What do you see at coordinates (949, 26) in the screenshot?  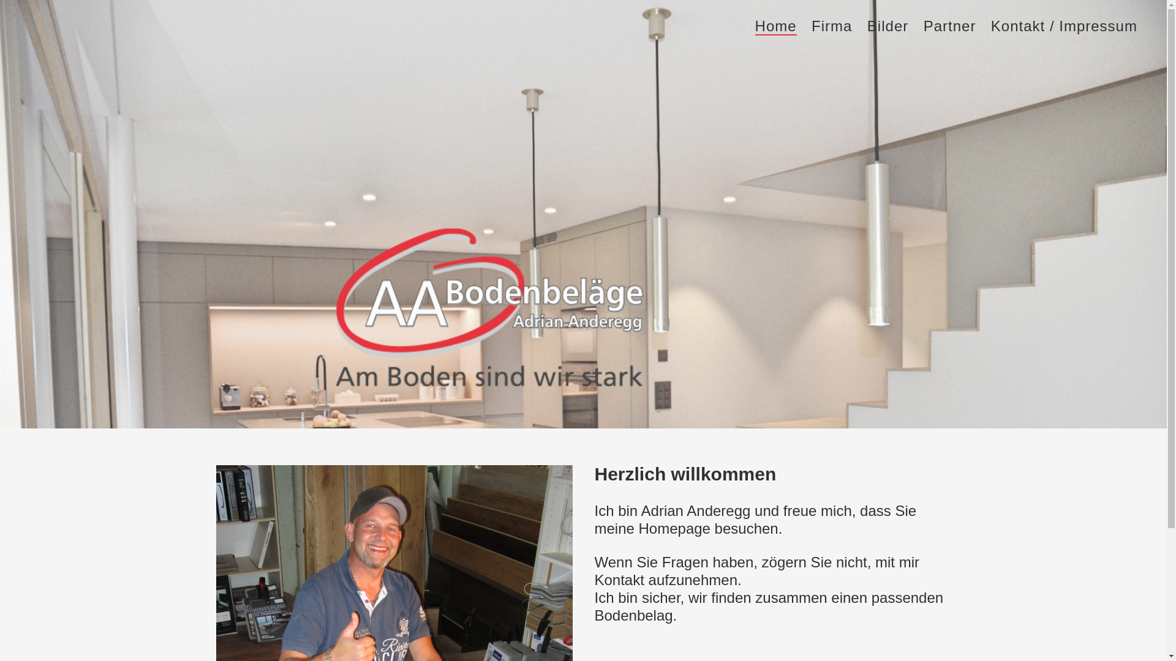 I see `'Partner'` at bounding box center [949, 26].